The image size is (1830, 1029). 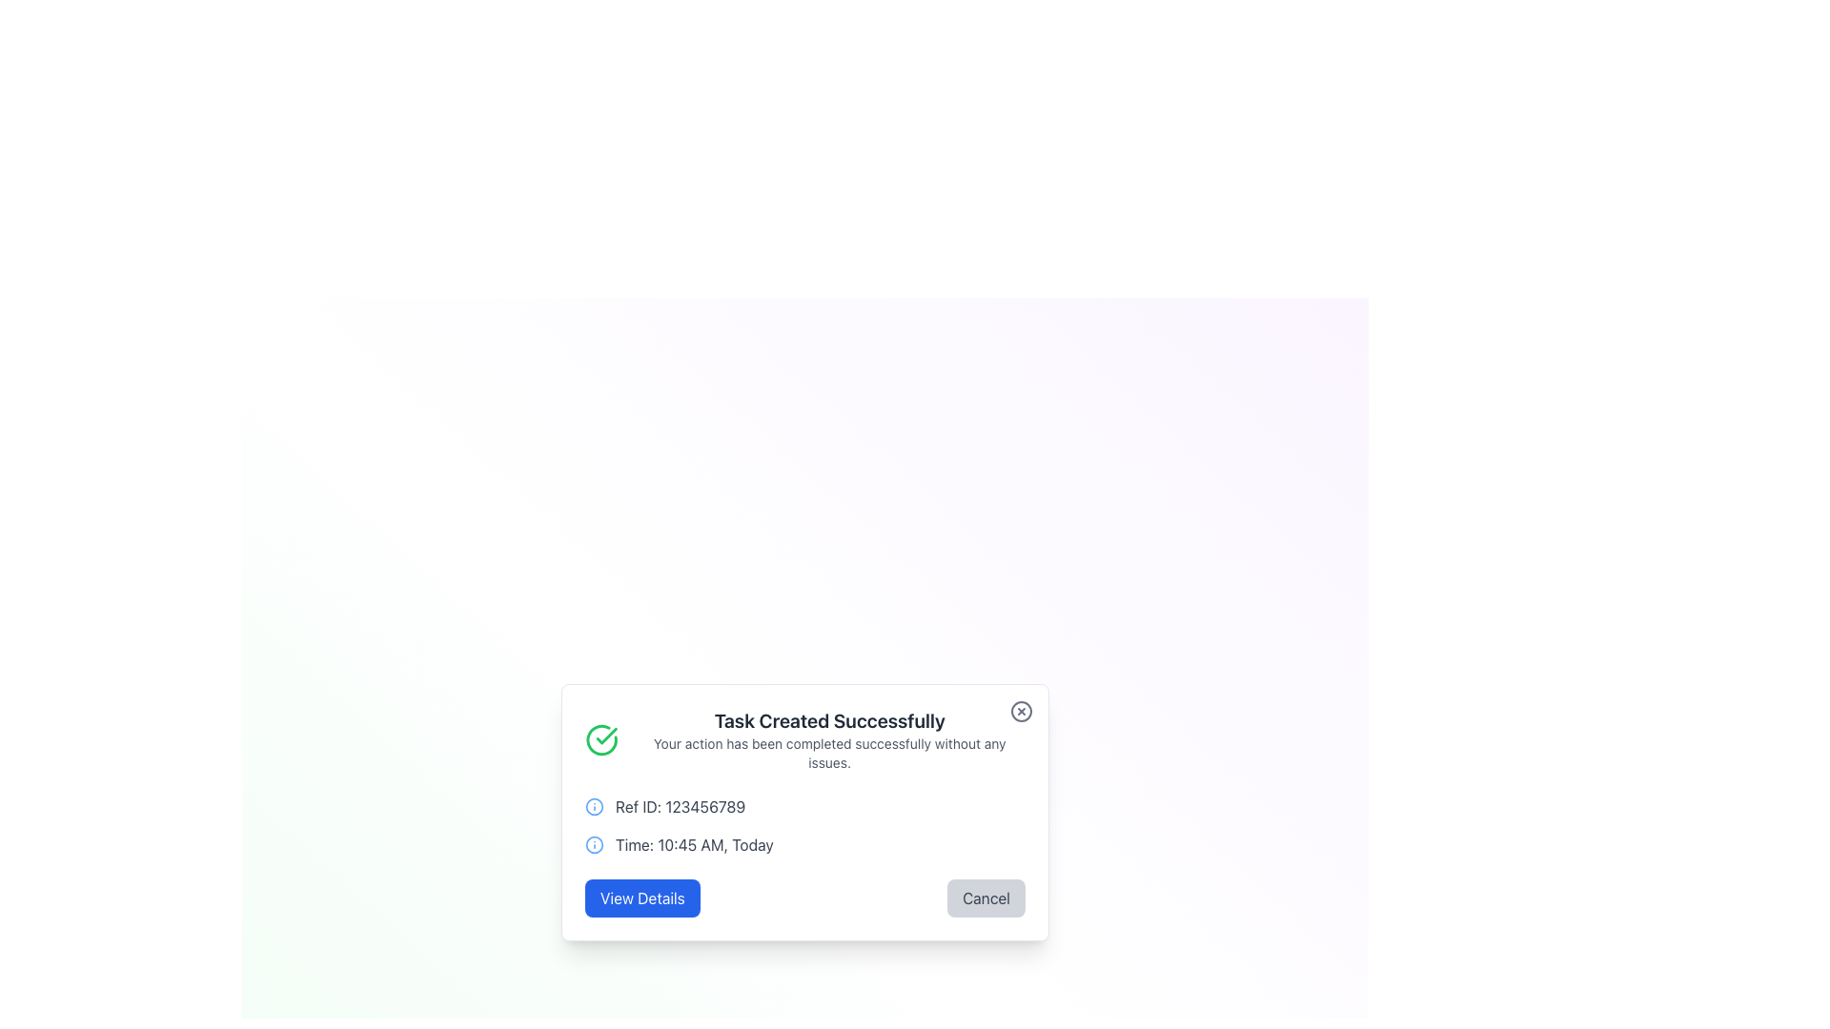 What do you see at coordinates (1020, 712) in the screenshot?
I see `the Decorative SVG Circle, which is the outer circular component of the close button located at the top-right corner of the pop-up dialog box` at bounding box center [1020, 712].